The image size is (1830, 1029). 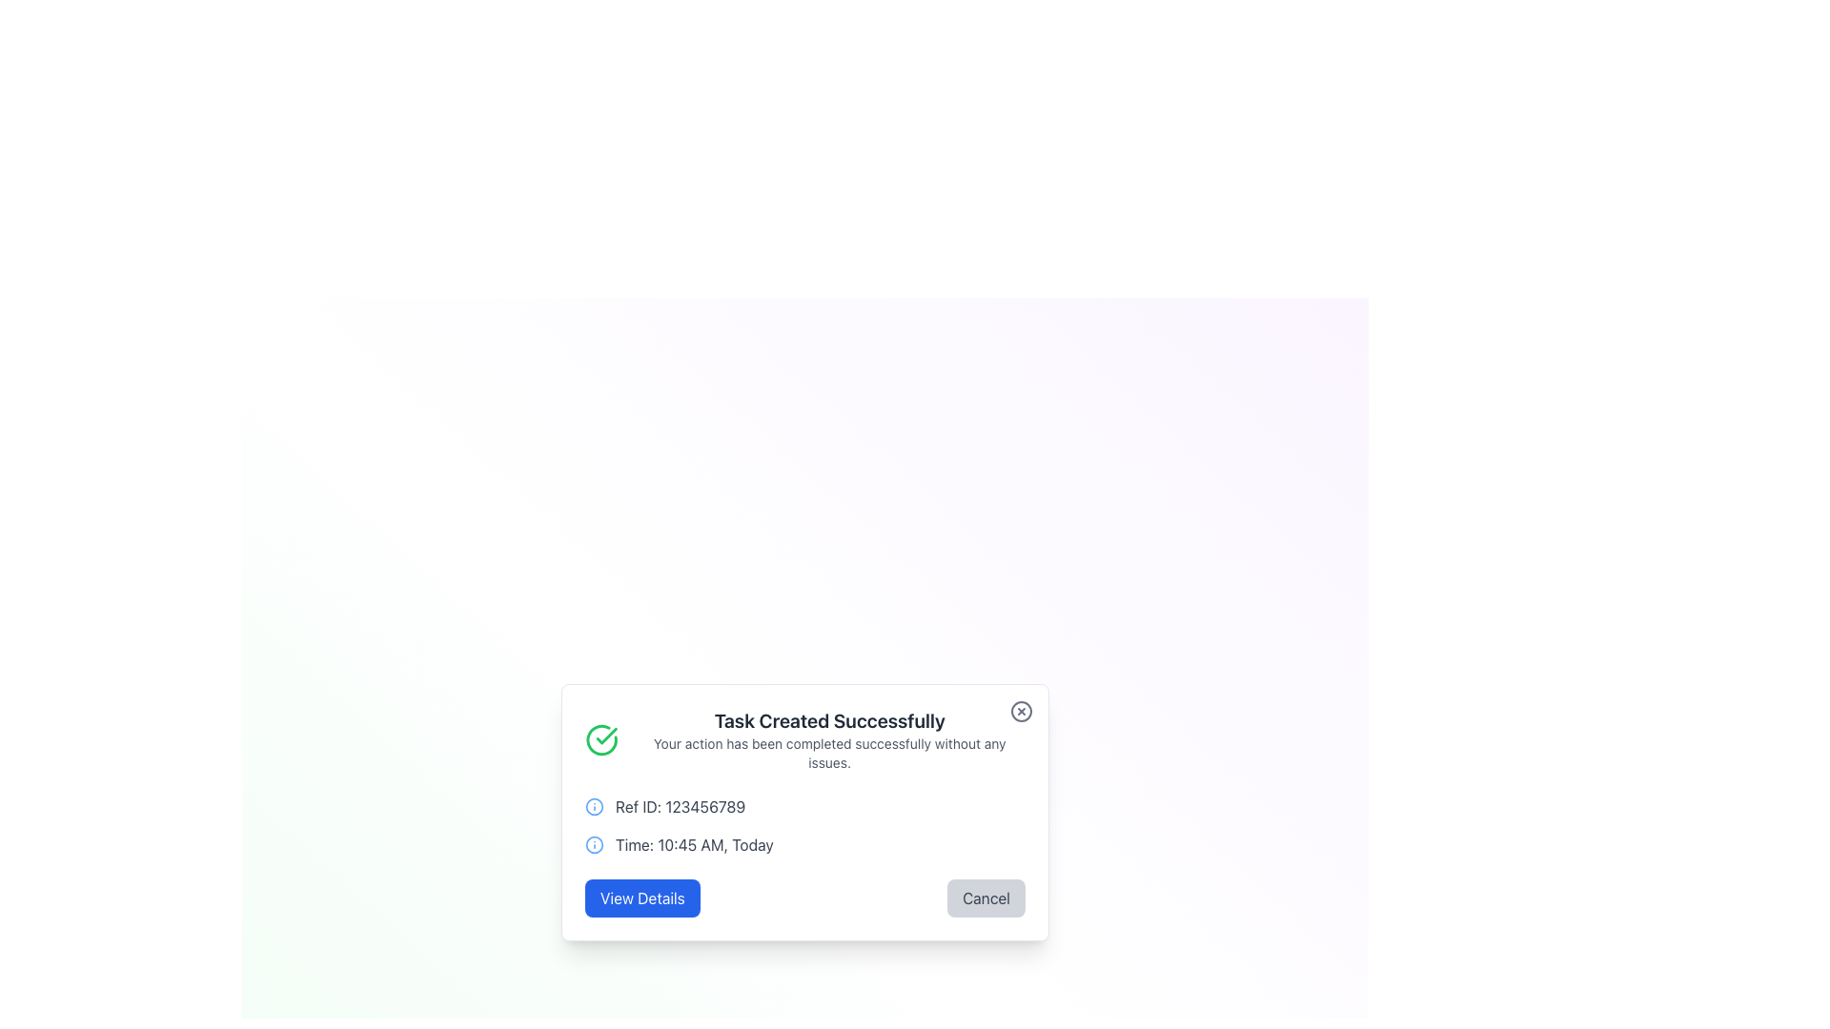 What do you see at coordinates (1020, 712) in the screenshot?
I see `the Decorative SVG Circle, which is the outer circular component of the close button located at the top-right corner of the pop-up dialog box` at bounding box center [1020, 712].